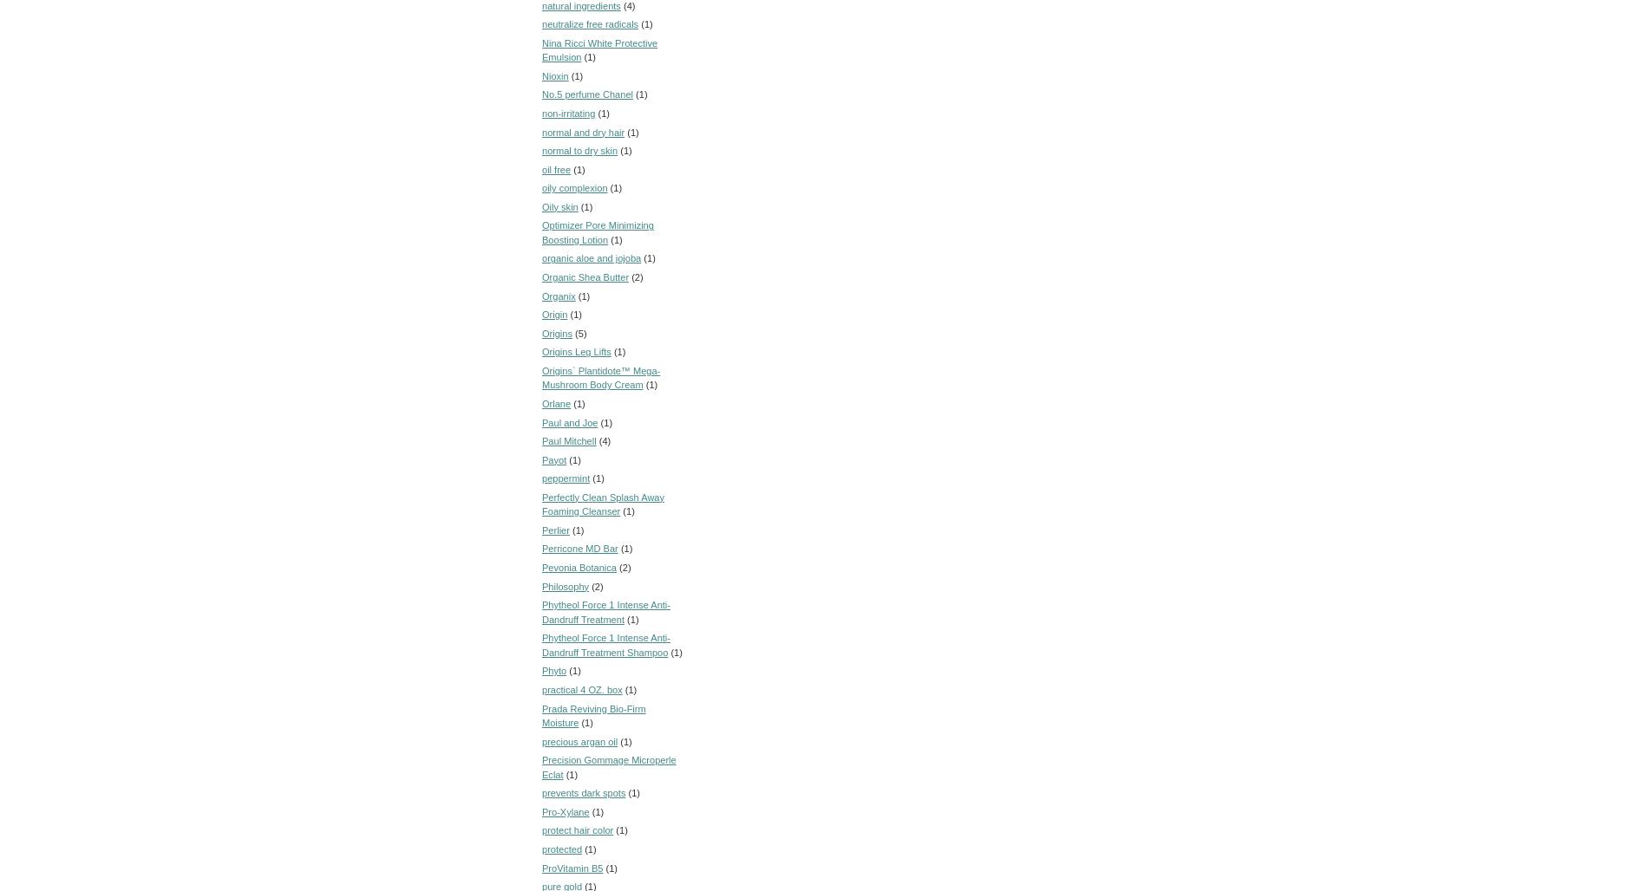 The image size is (1648, 891). What do you see at coordinates (568, 113) in the screenshot?
I see `'non-irritating'` at bounding box center [568, 113].